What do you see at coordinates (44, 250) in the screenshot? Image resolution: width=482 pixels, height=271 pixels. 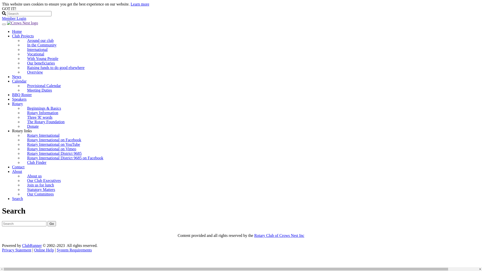 I see `'Online Help'` at bounding box center [44, 250].